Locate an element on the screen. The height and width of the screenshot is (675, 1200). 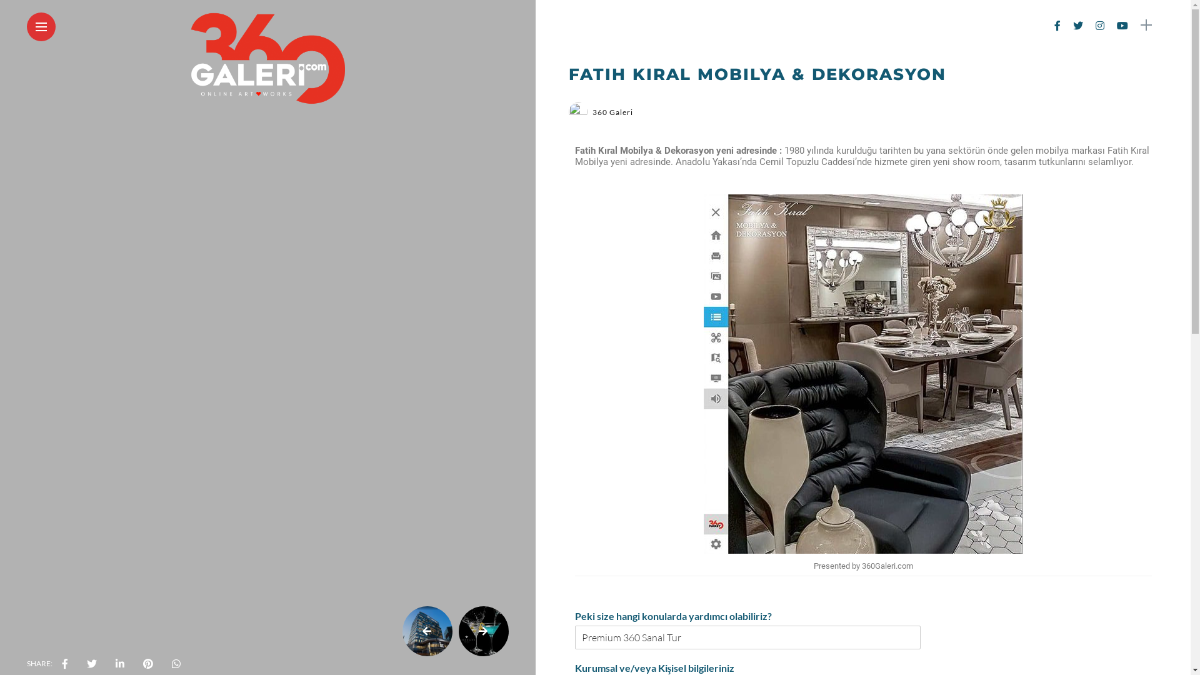
'360 Galeri' is located at coordinates (612, 111).